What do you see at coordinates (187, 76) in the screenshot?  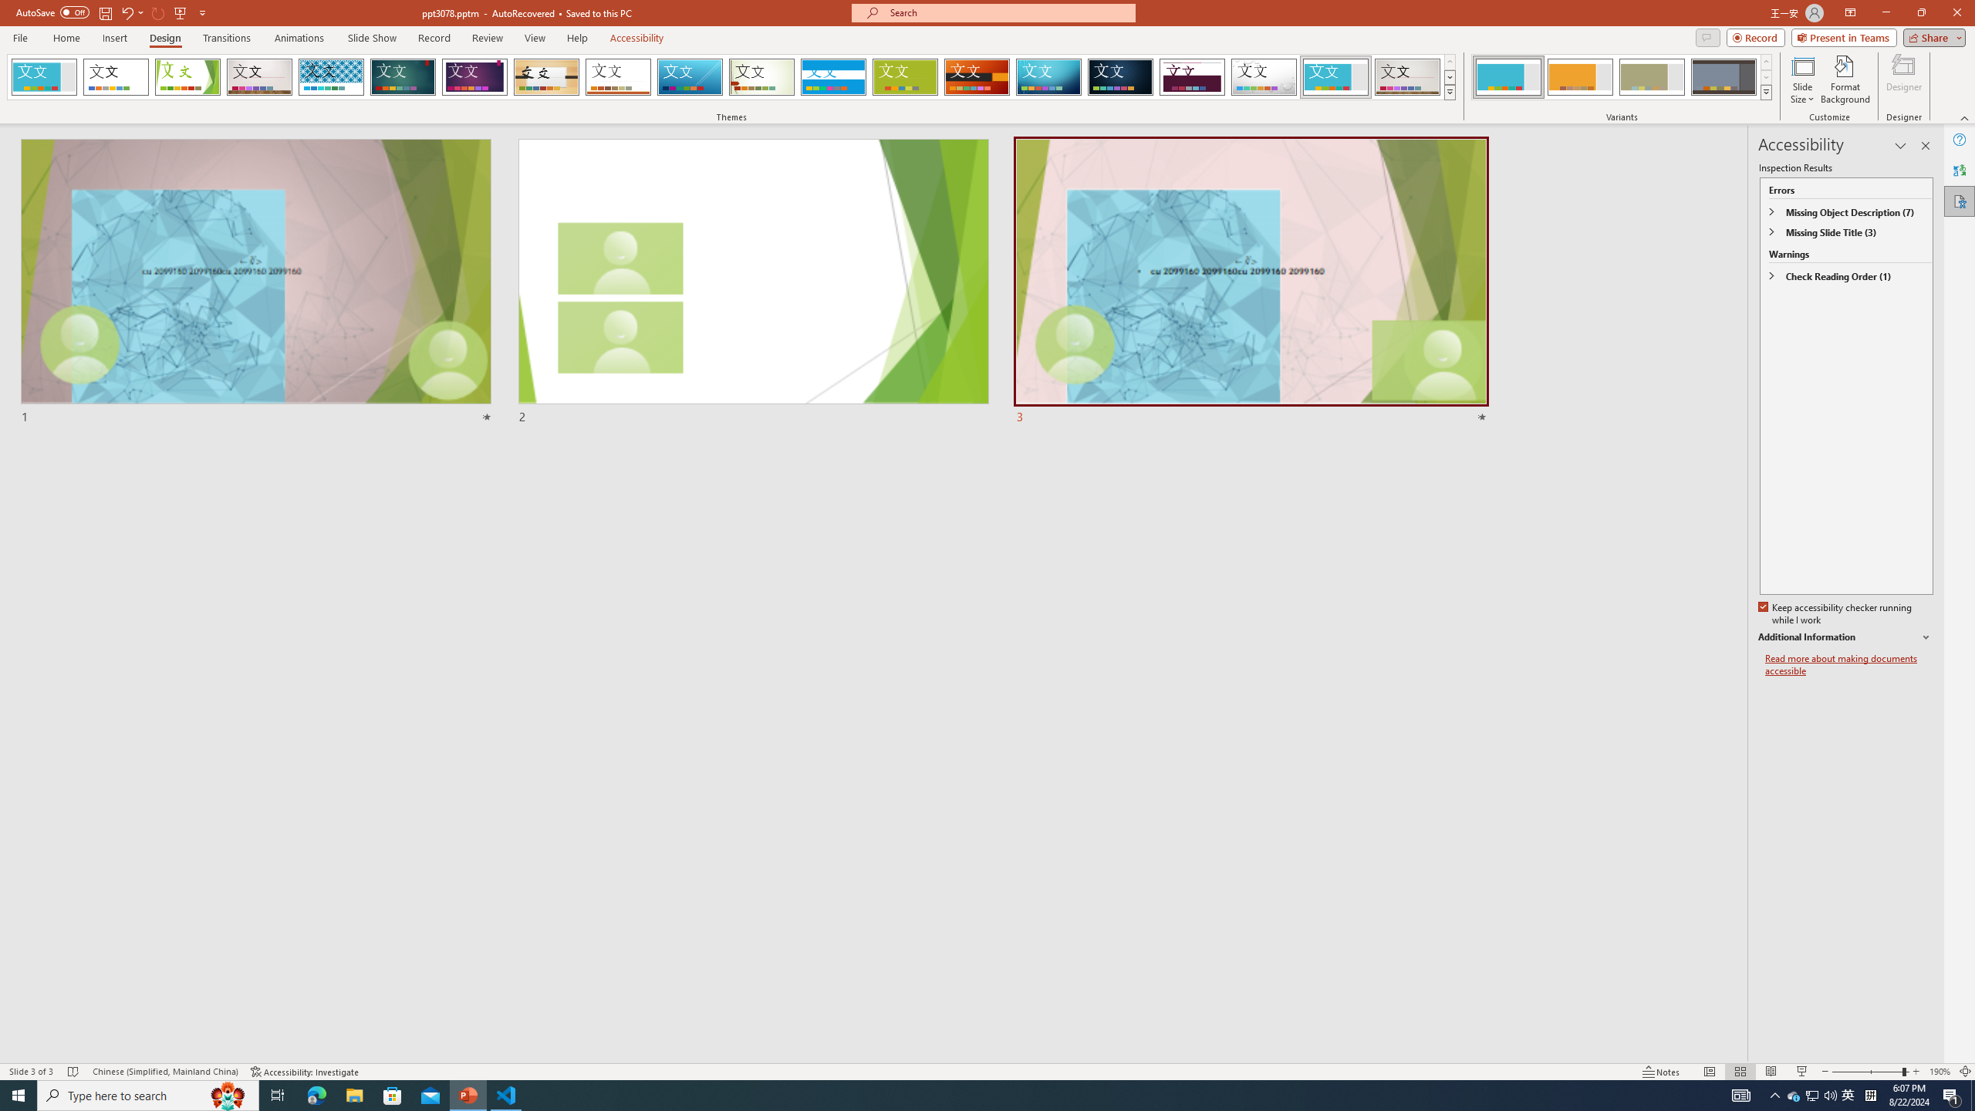 I see `'Facet'` at bounding box center [187, 76].